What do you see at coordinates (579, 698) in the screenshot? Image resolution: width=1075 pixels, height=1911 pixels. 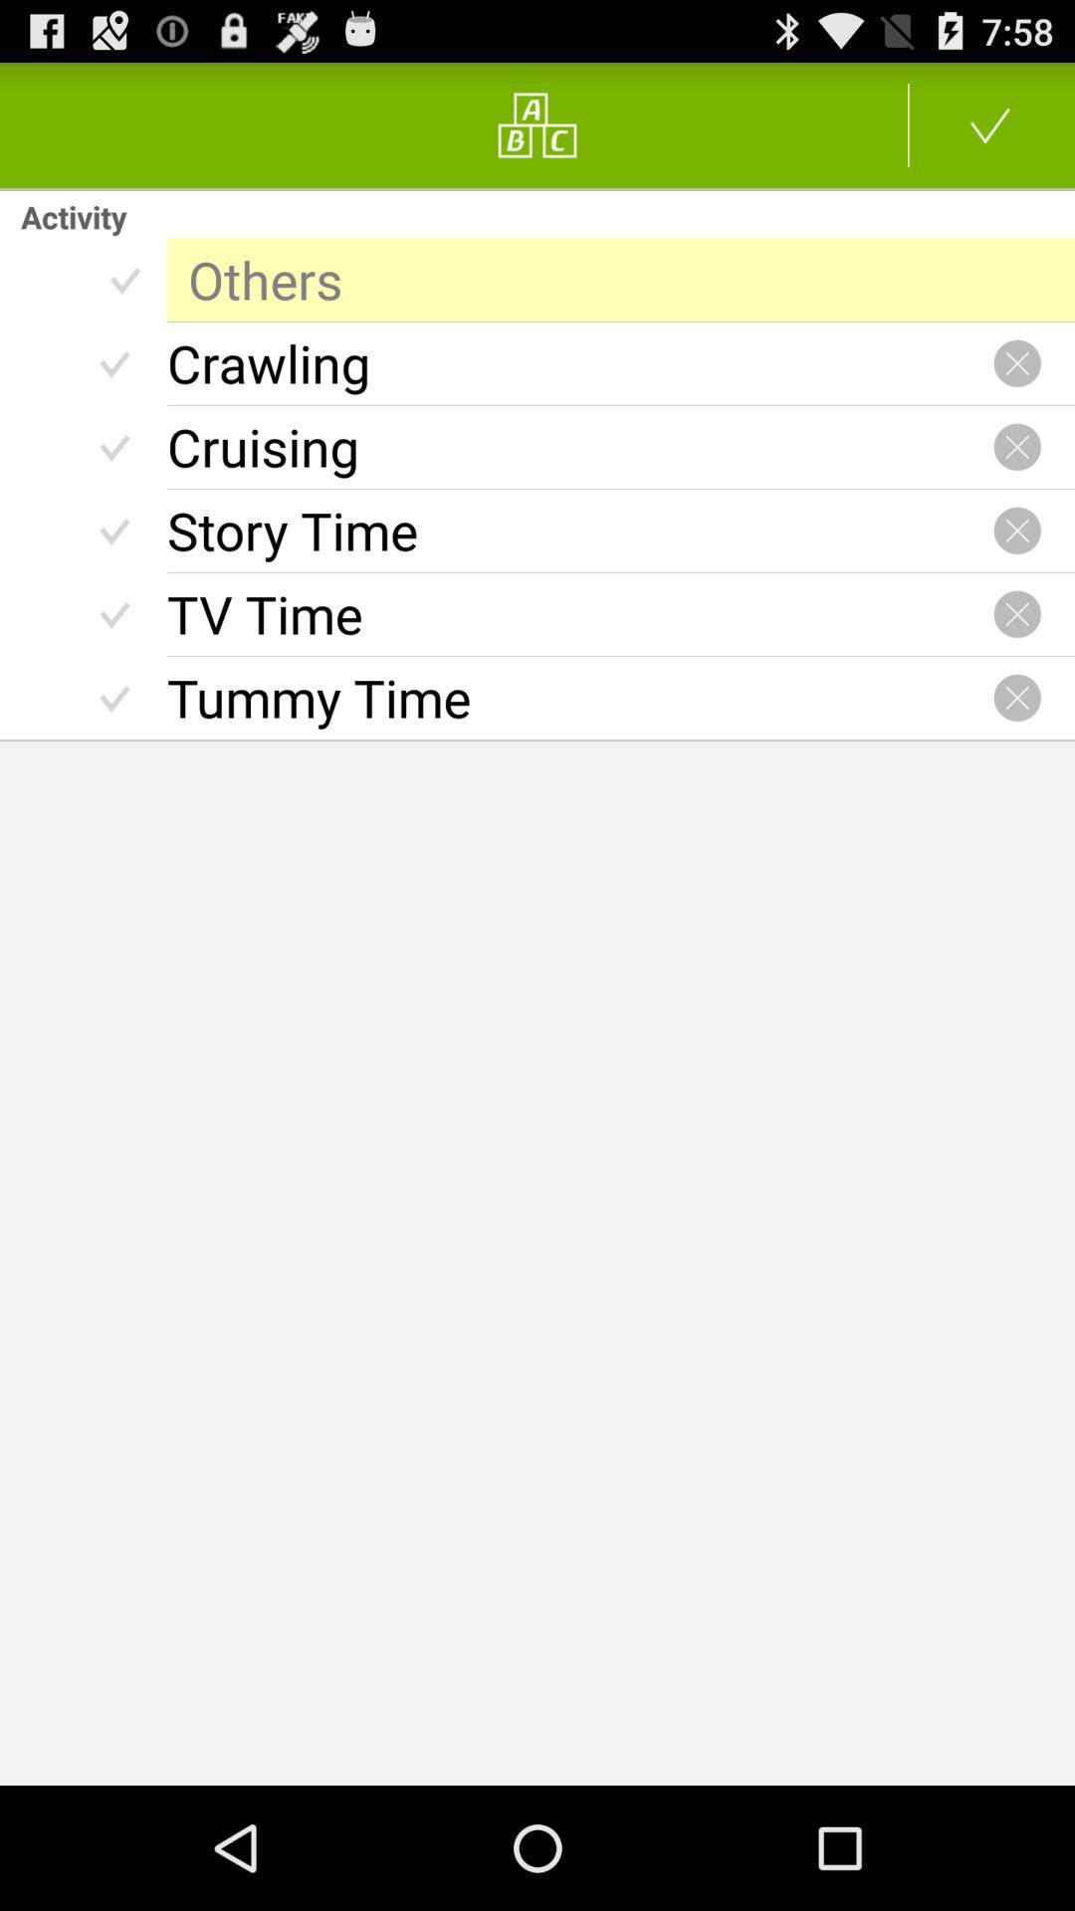 I see `tummy time icon` at bounding box center [579, 698].